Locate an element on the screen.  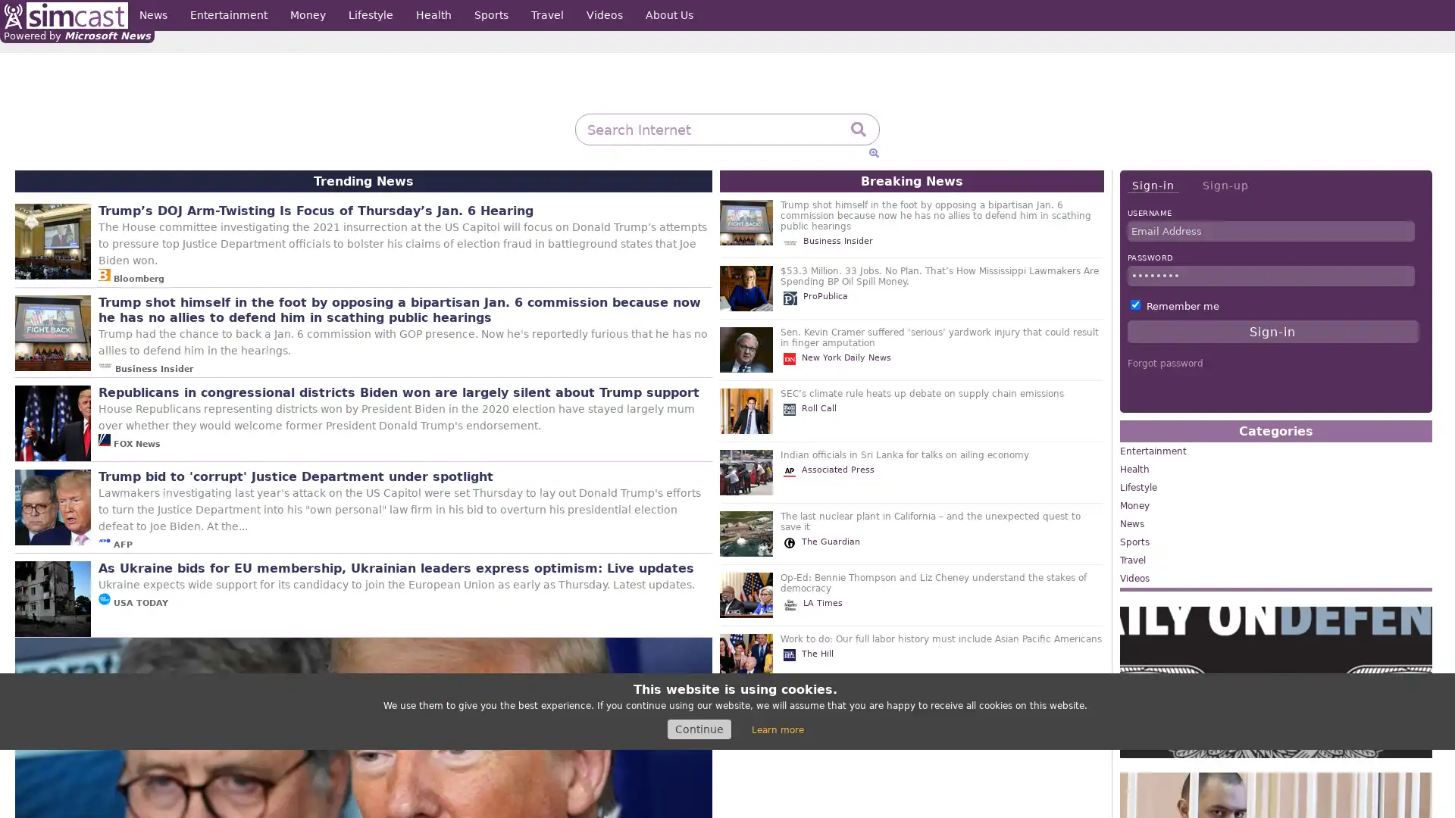
Sign-up is located at coordinates (1225, 185).